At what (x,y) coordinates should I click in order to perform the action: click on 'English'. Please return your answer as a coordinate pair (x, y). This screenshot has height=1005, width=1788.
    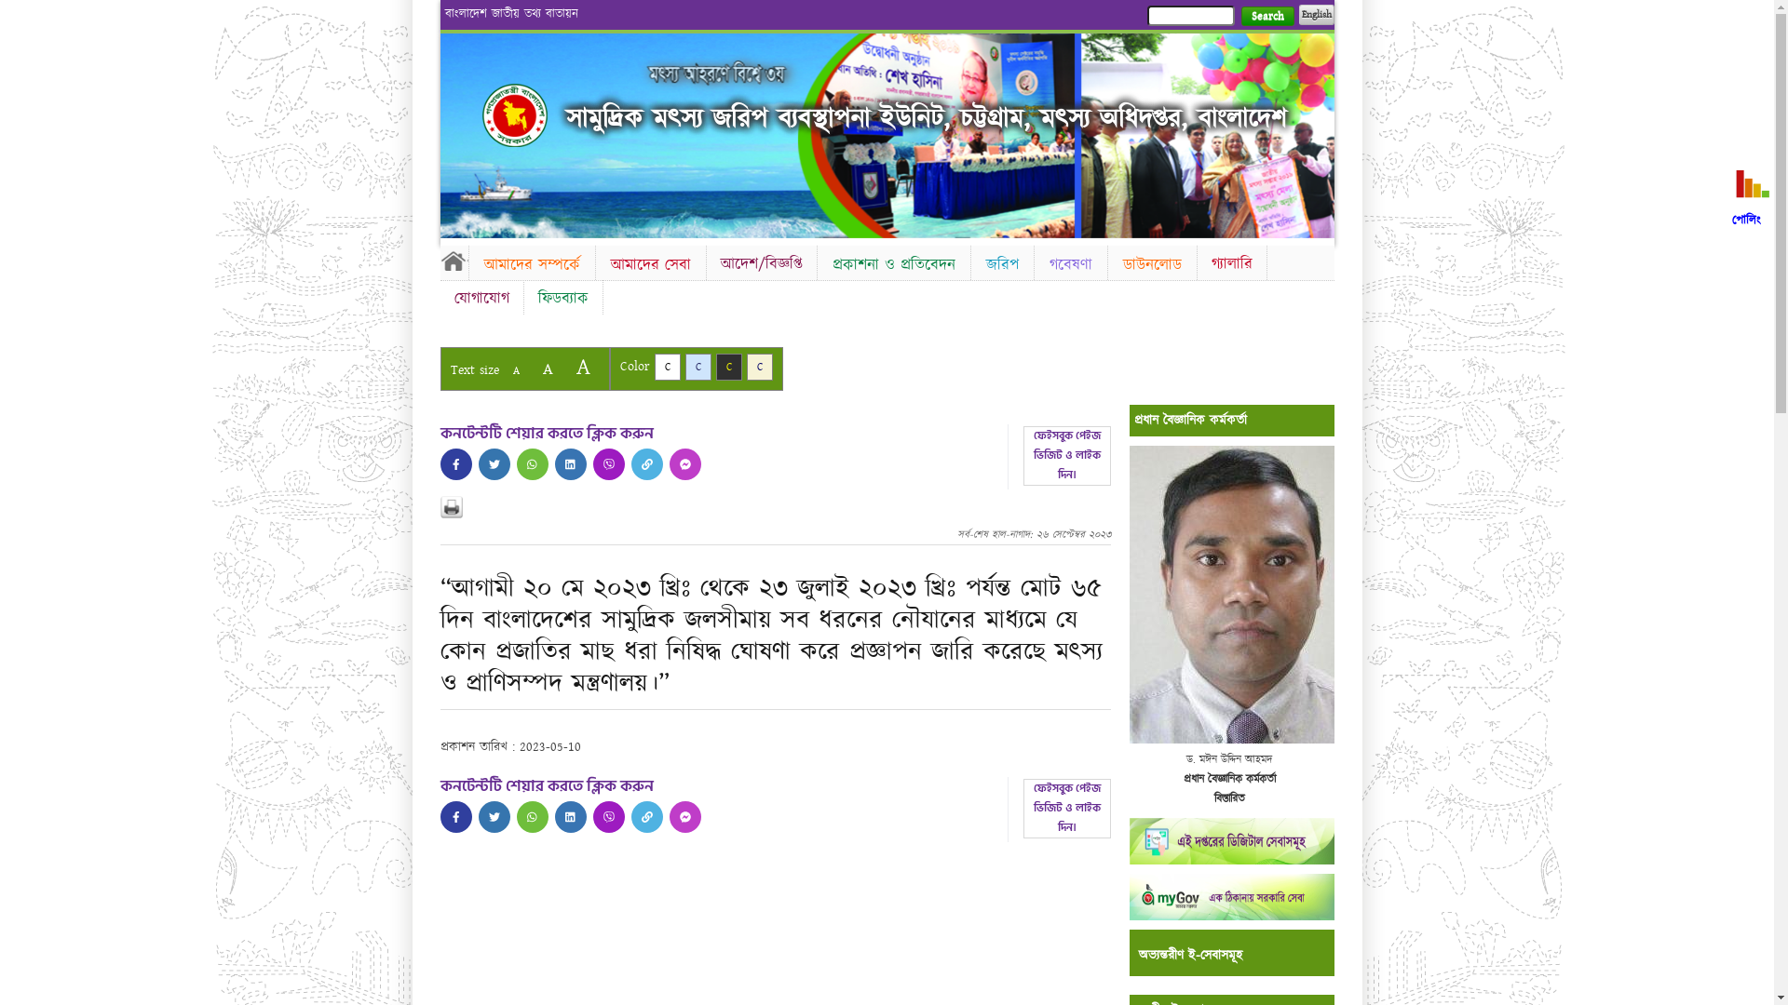
    Looking at the image, I should click on (1314, 14).